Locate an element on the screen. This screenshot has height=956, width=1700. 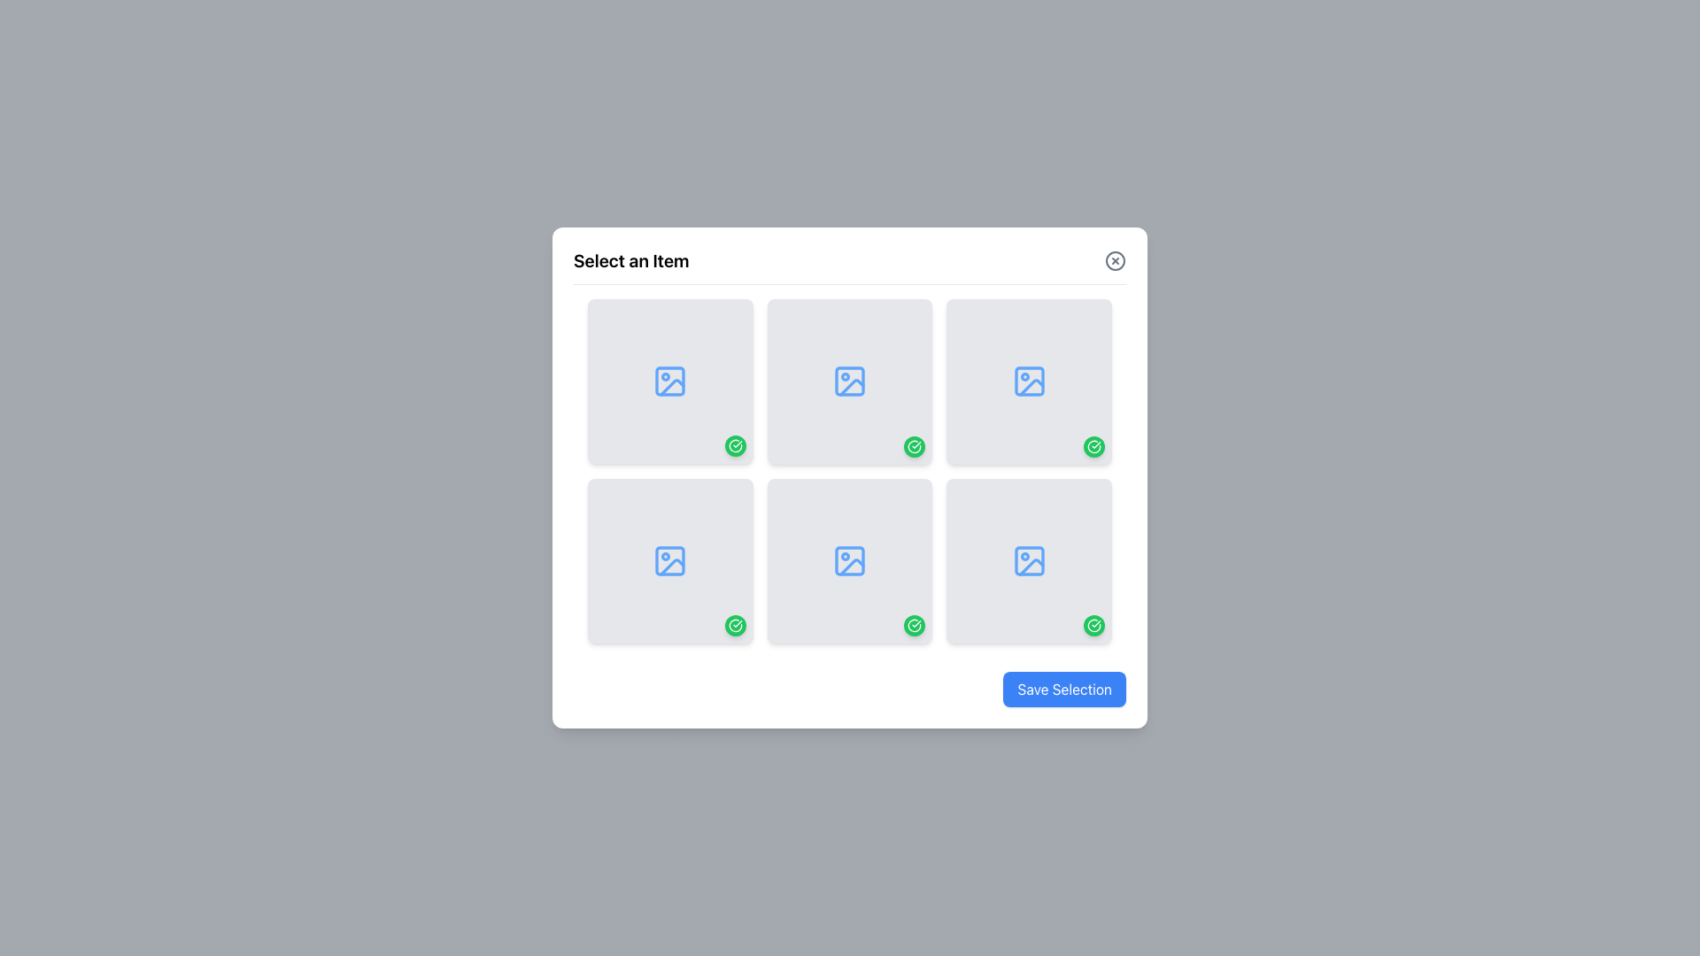
the image-like SVG icon located in the top-left corner of a three-by-two grid layout, which has a rectangular shape with rounded corners and includes a small circle and a line segment intersecting the corner is located at coordinates (669, 381).